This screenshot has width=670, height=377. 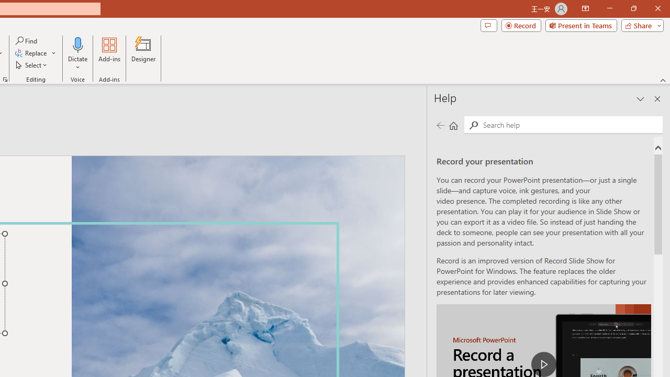 What do you see at coordinates (77, 54) in the screenshot?
I see `'Dictate'` at bounding box center [77, 54].